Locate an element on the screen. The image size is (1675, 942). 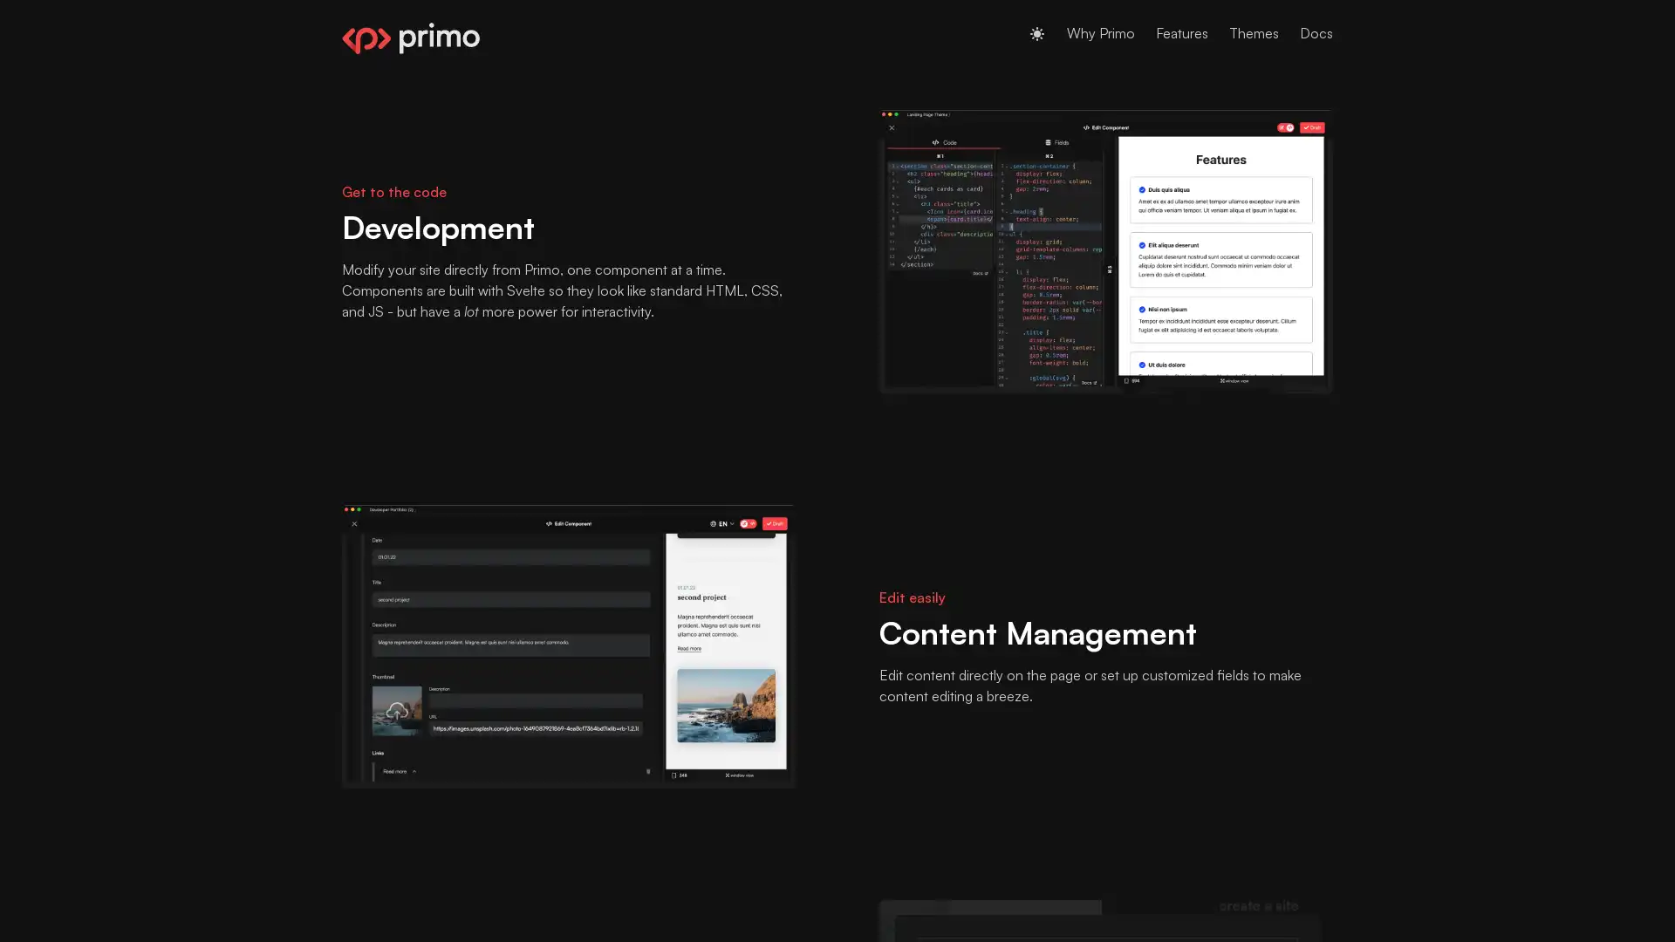
Toggle dark mode is located at coordinates (1037, 33).